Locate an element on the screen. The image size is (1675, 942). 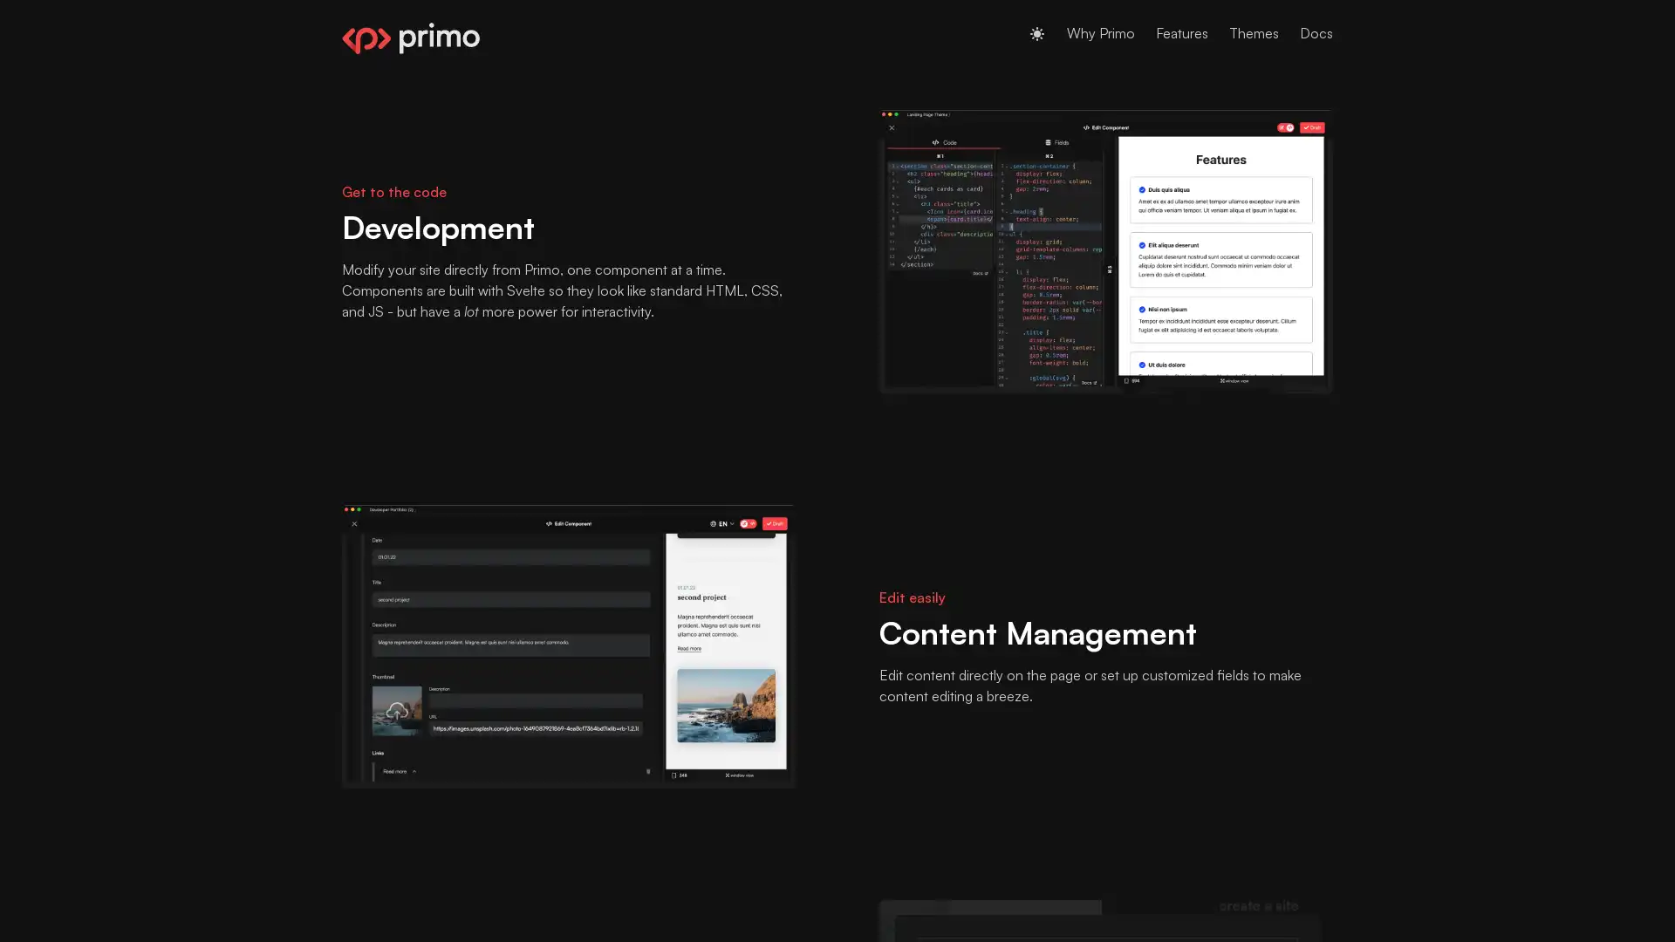
Toggle dark mode is located at coordinates (1037, 33).